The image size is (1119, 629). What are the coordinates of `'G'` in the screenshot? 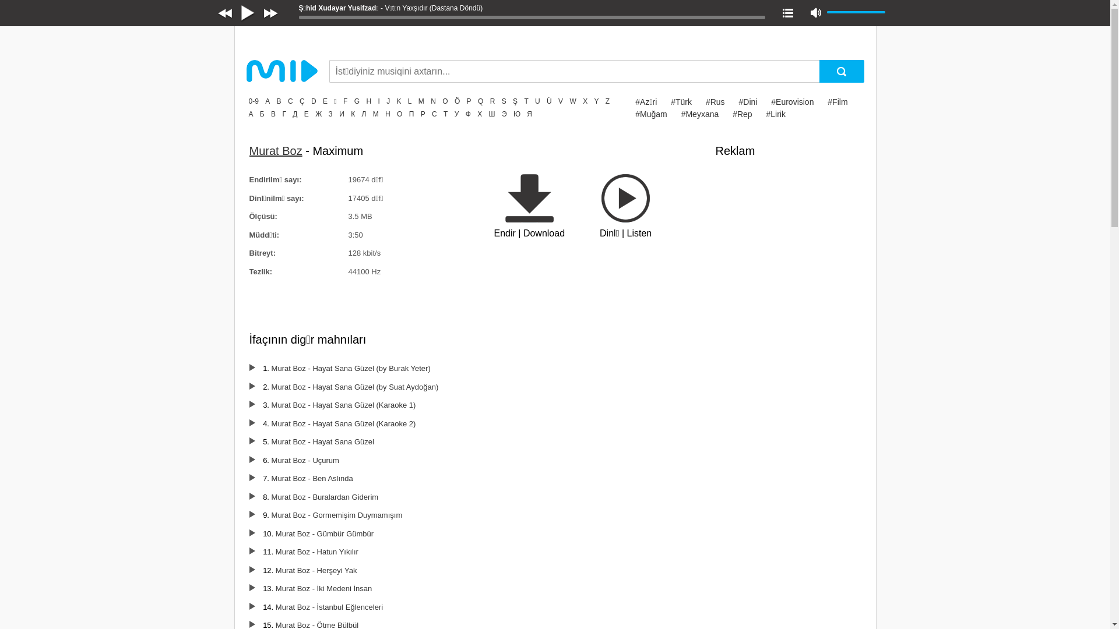 It's located at (356, 100).